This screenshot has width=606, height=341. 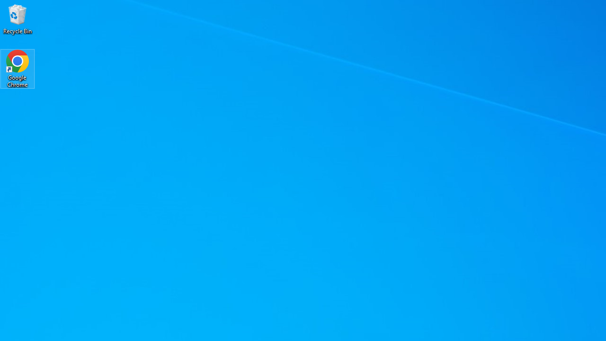 What do you see at coordinates (18, 18) in the screenshot?
I see `'Recycle Bin'` at bounding box center [18, 18].